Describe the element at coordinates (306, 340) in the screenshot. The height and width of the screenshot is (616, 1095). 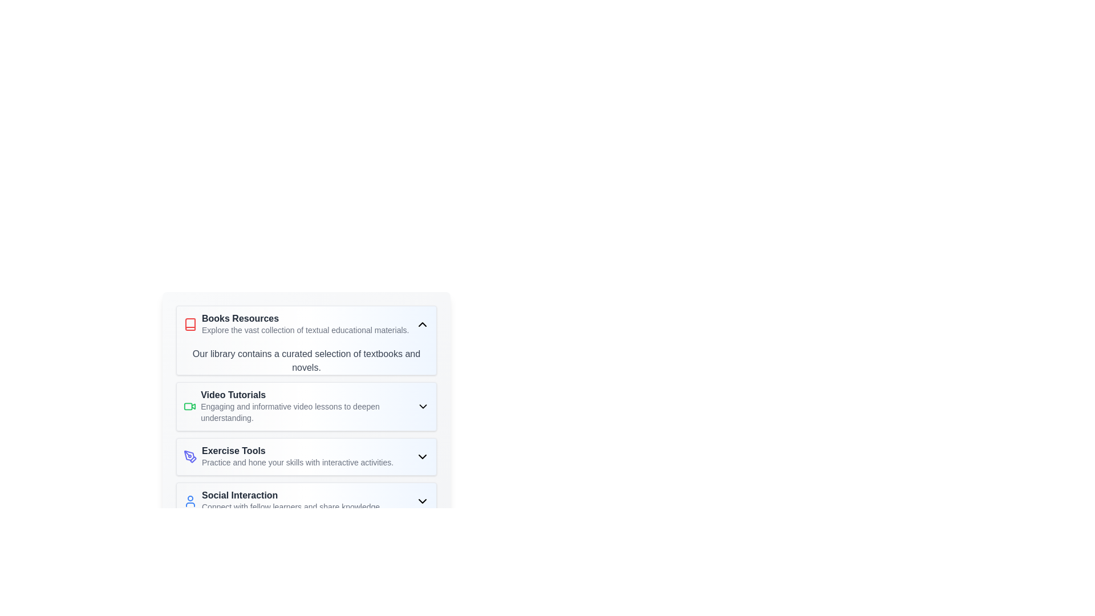
I see `the Information card at the top of the vertical series of cards` at that location.